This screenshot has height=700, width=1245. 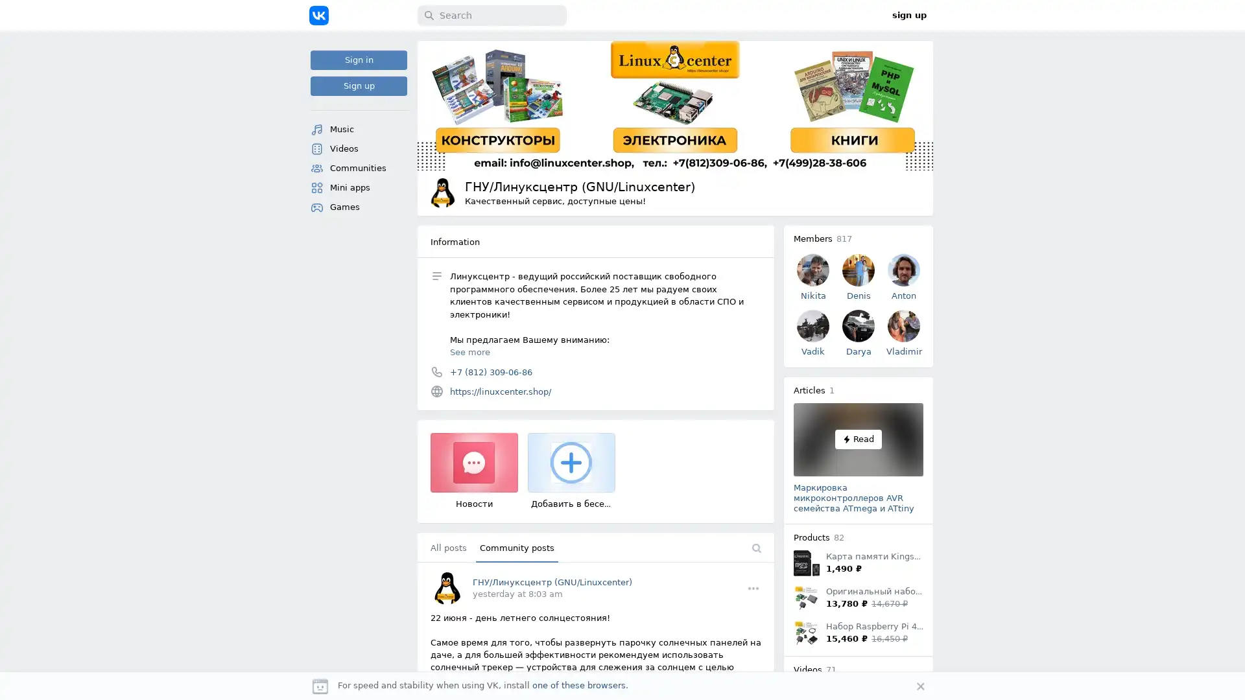 I want to click on Sign up, so click(x=359, y=86).